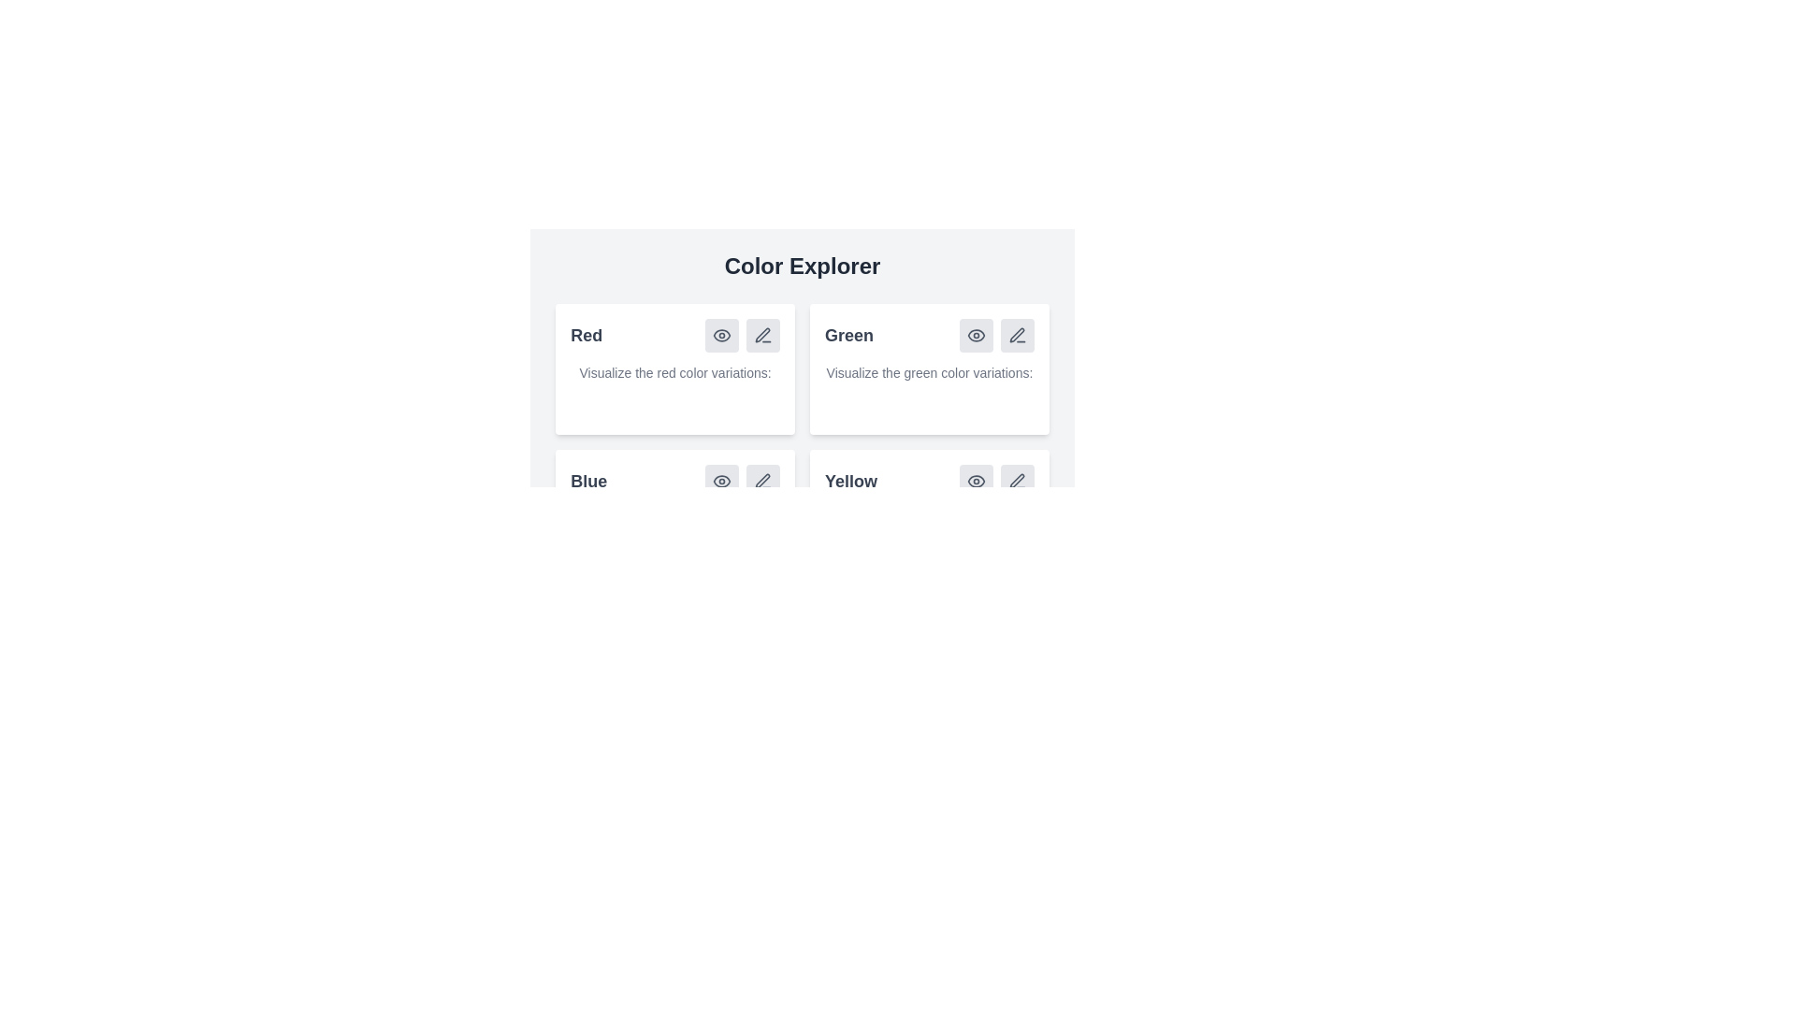 This screenshot has width=1796, height=1010. Describe the element at coordinates (741, 481) in the screenshot. I see `the pen icon in the horizontal group of action buttons for editing details, located within the 'Blue' color section of the 'Color Explorer'` at that location.